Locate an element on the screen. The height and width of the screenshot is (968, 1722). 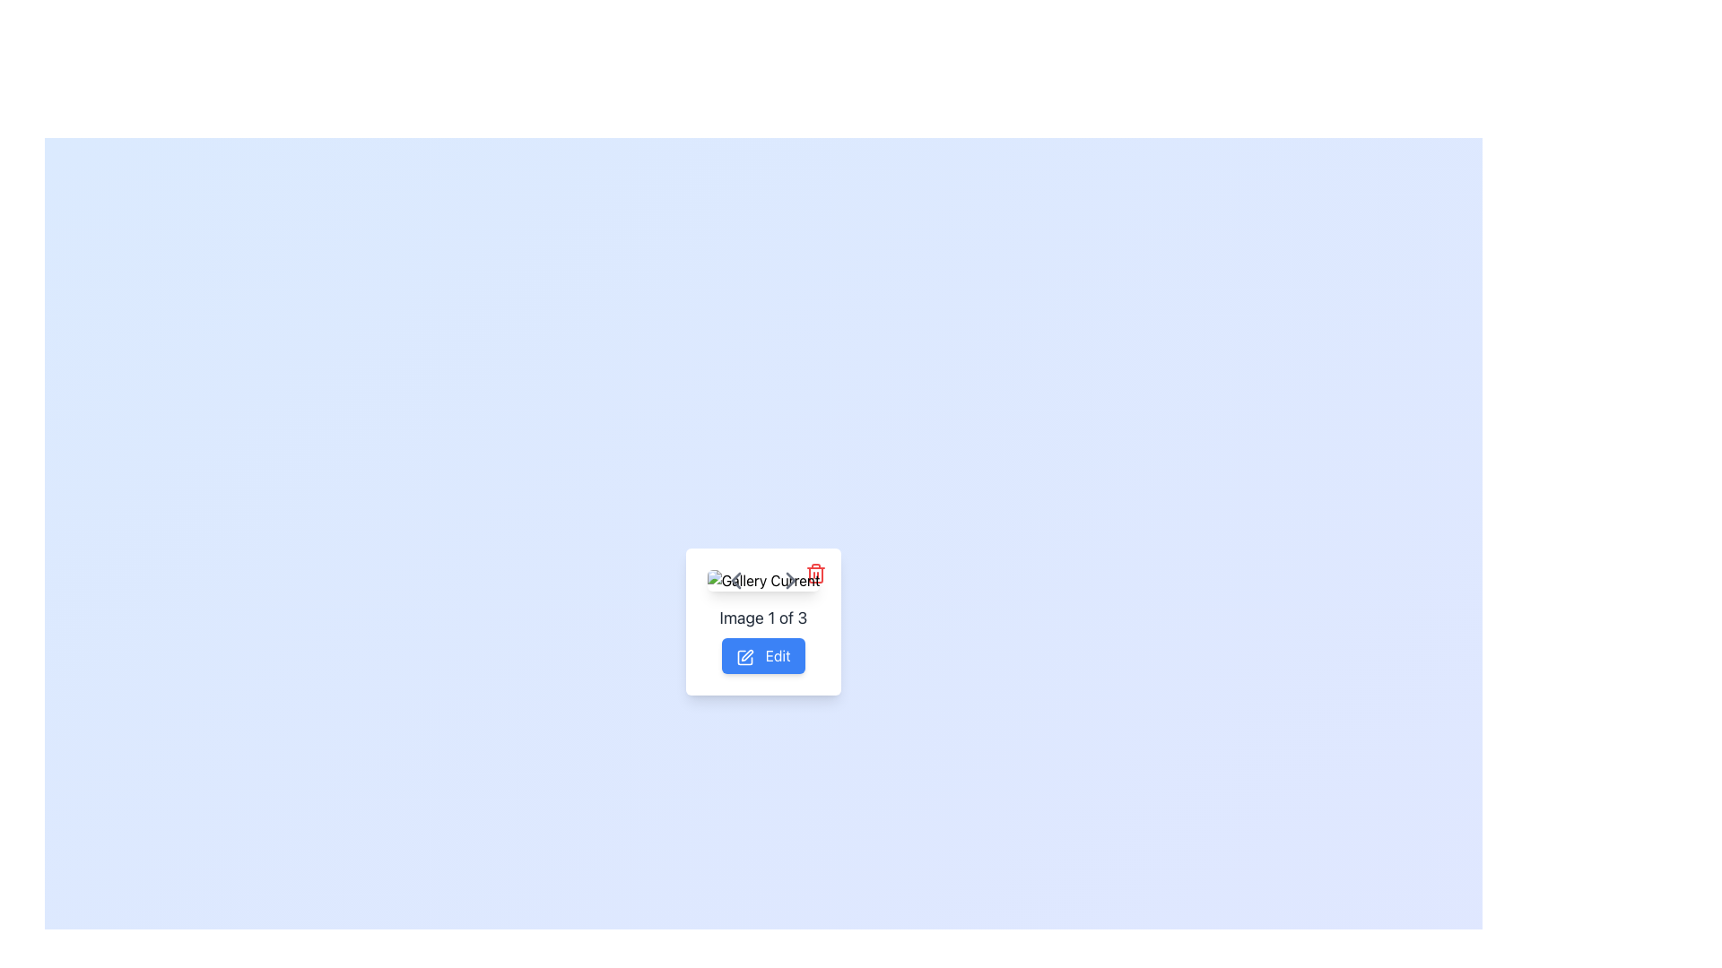
the edit button located below the text 'Image 1 of 3' to observe its hover effect is located at coordinates (763, 656).